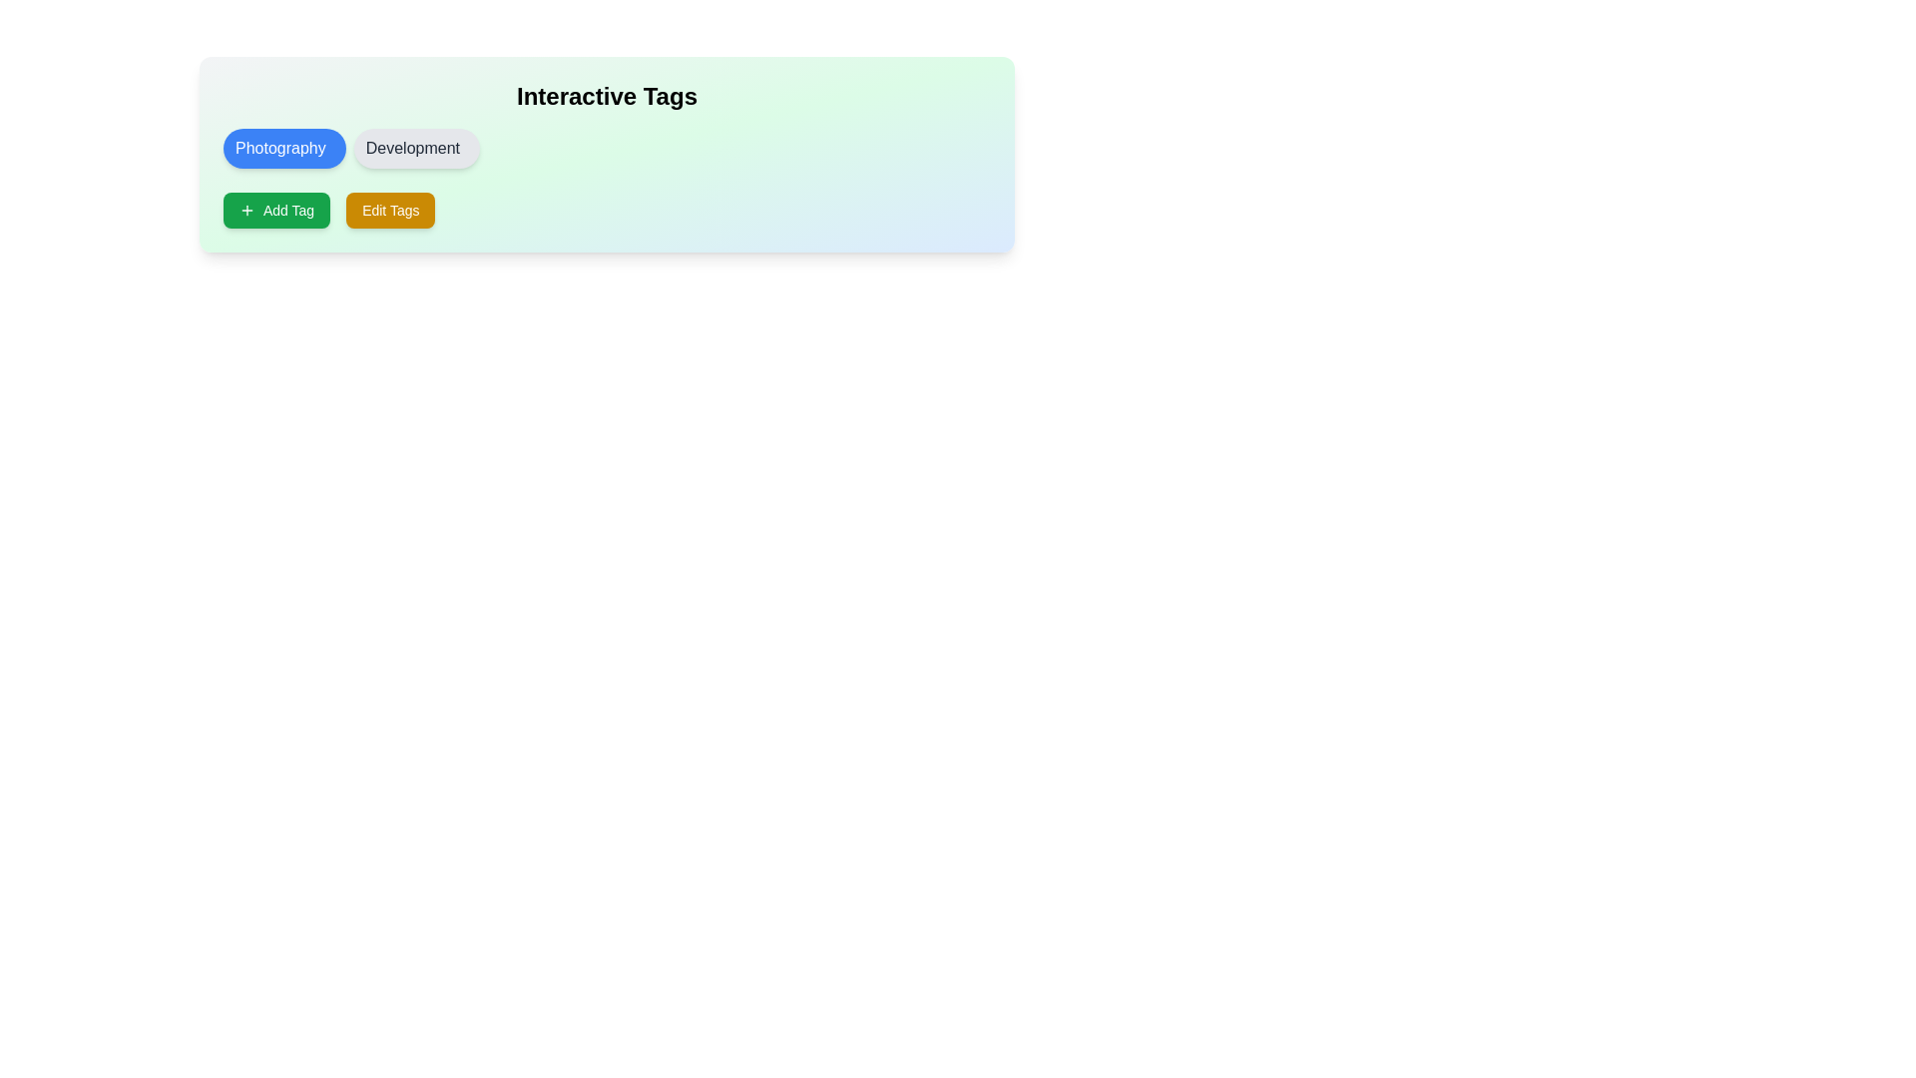 This screenshot has height=1078, width=1916. I want to click on the small plus icon within the 'Add Tag' button, so click(246, 211).